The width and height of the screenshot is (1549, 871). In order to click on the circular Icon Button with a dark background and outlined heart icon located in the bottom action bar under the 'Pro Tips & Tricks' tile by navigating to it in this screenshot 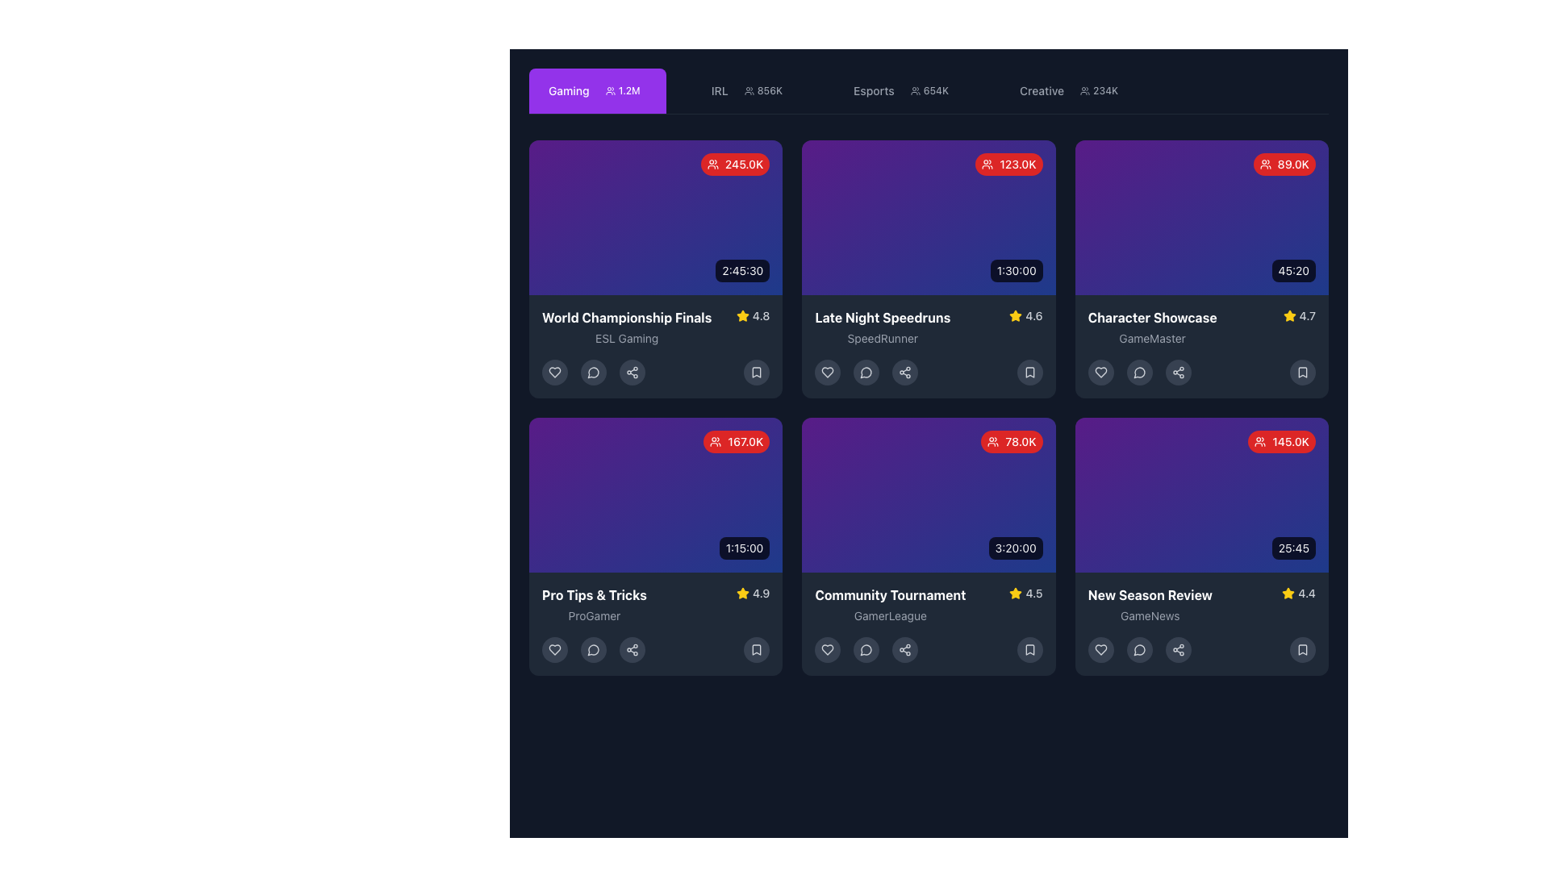, I will do `click(554, 649)`.